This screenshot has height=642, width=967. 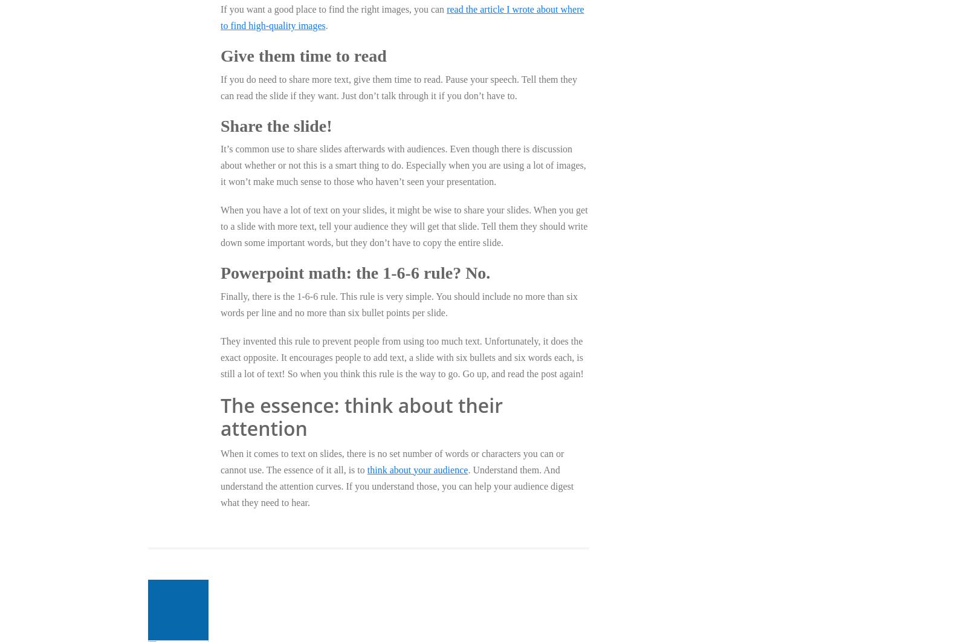 I want to click on 'It’s common use to share slides afterwards with audiences. Even though there is discussion about whether or not this is a smart thing to do. Especially when you are using a lot of images, it won’t make much sense to those who haven’t seen your presentation.', so click(x=220, y=164).